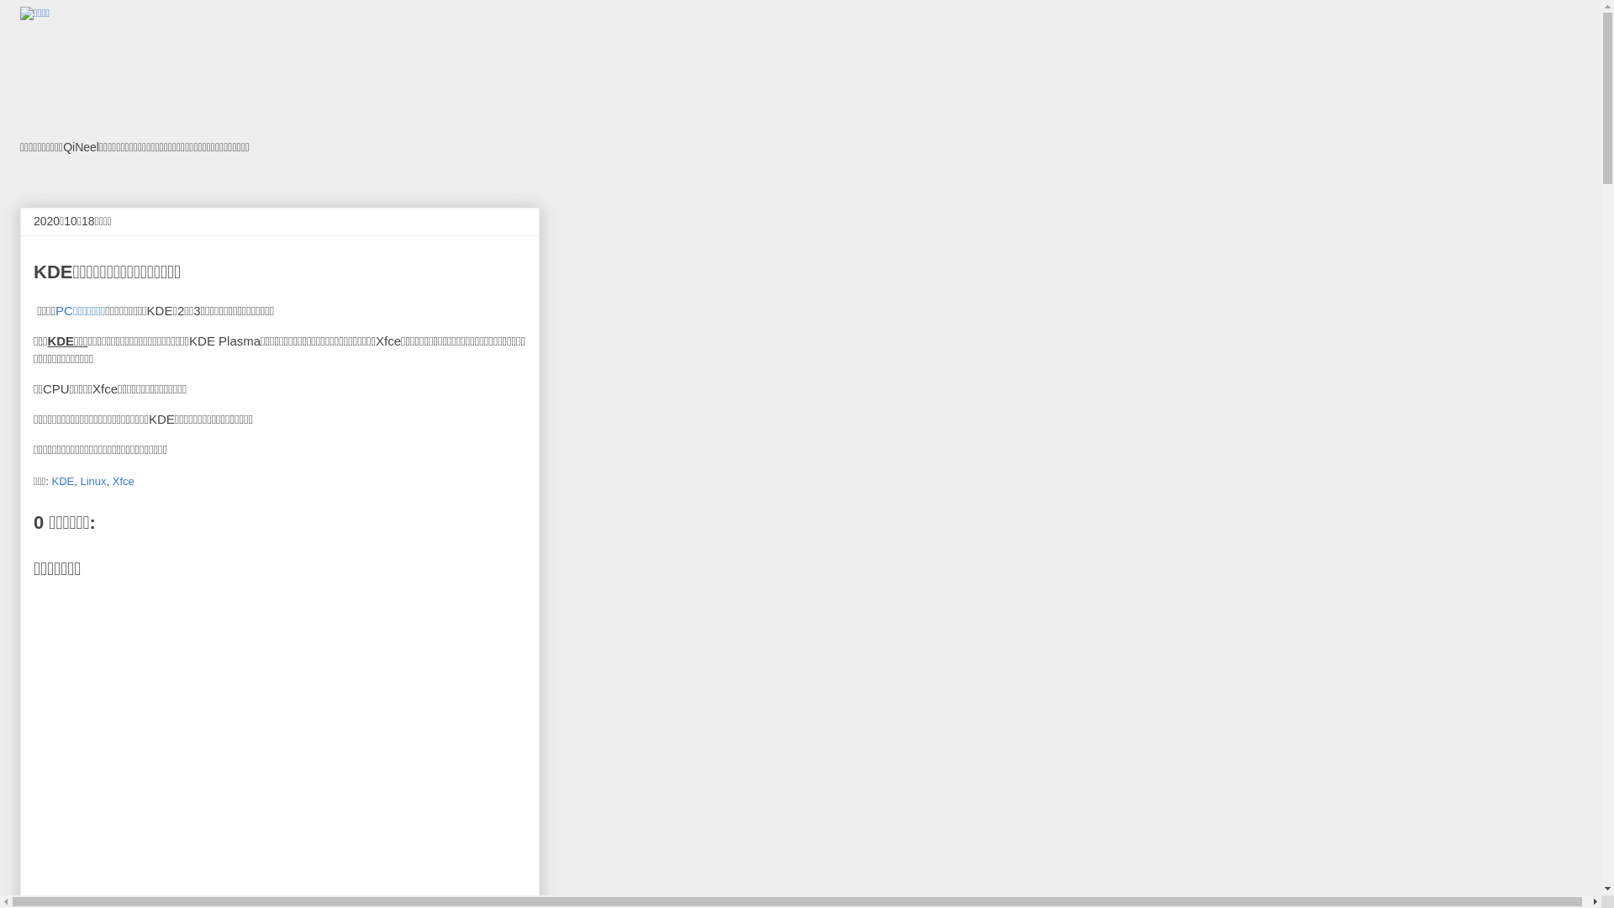 The height and width of the screenshot is (908, 1614). What do you see at coordinates (62, 480) in the screenshot?
I see `'KDE'` at bounding box center [62, 480].